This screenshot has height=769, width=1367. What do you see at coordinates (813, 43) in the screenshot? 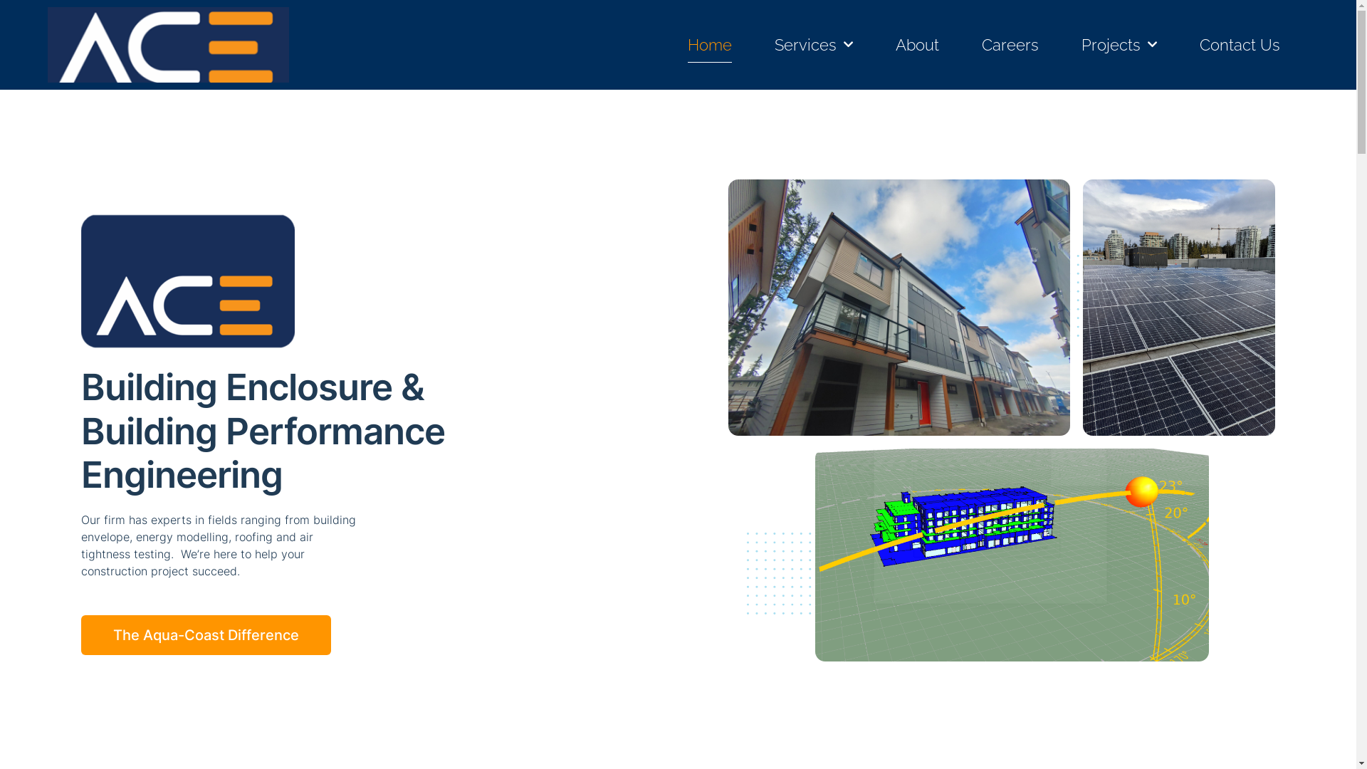
I see `'Services'` at bounding box center [813, 43].